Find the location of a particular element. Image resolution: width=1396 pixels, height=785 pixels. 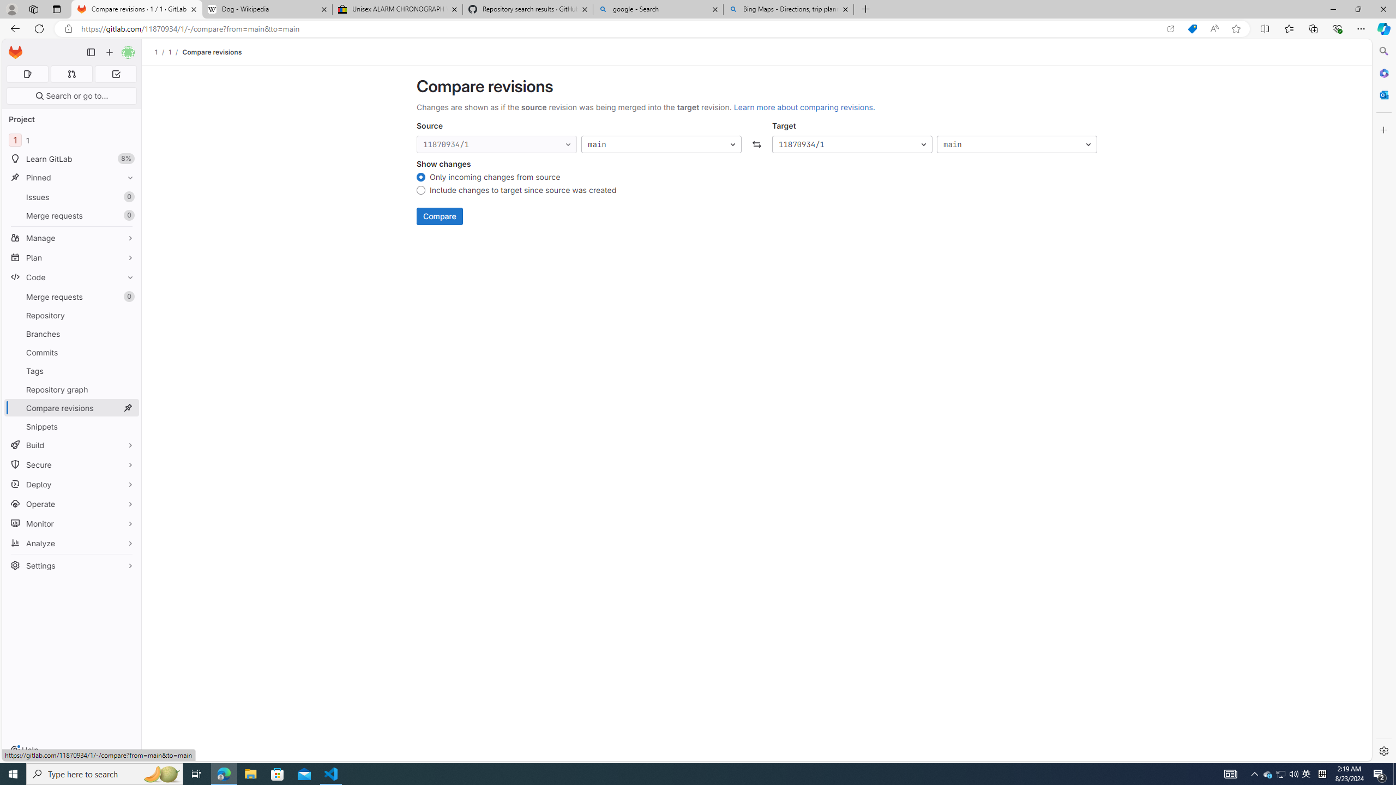

'Snippets' is located at coordinates (71, 426).